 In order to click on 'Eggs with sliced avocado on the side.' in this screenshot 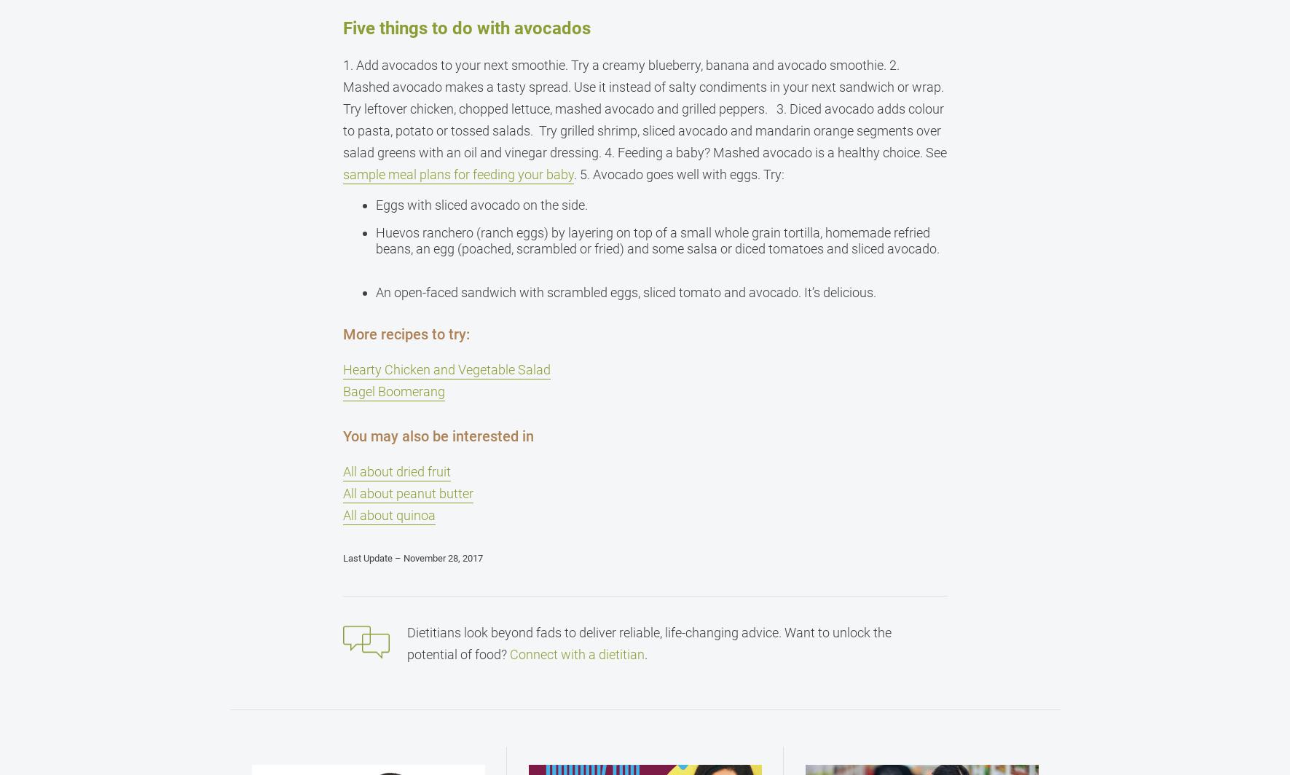, I will do `click(481, 205)`.